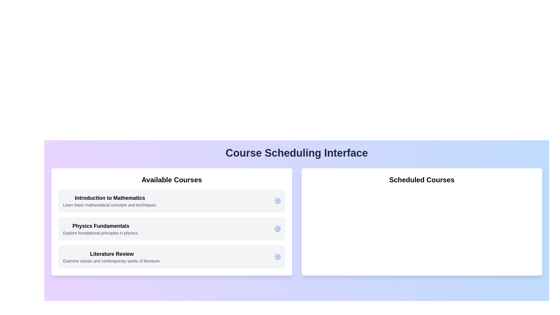 The width and height of the screenshot is (560, 315). What do you see at coordinates (110, 204) in the screenshot?
I see `information from the text label that reads 'Learn basic mathematical concepts and techniques.' located below the title 'Introduction to Mathematics'` at bounding box center [110, 204].